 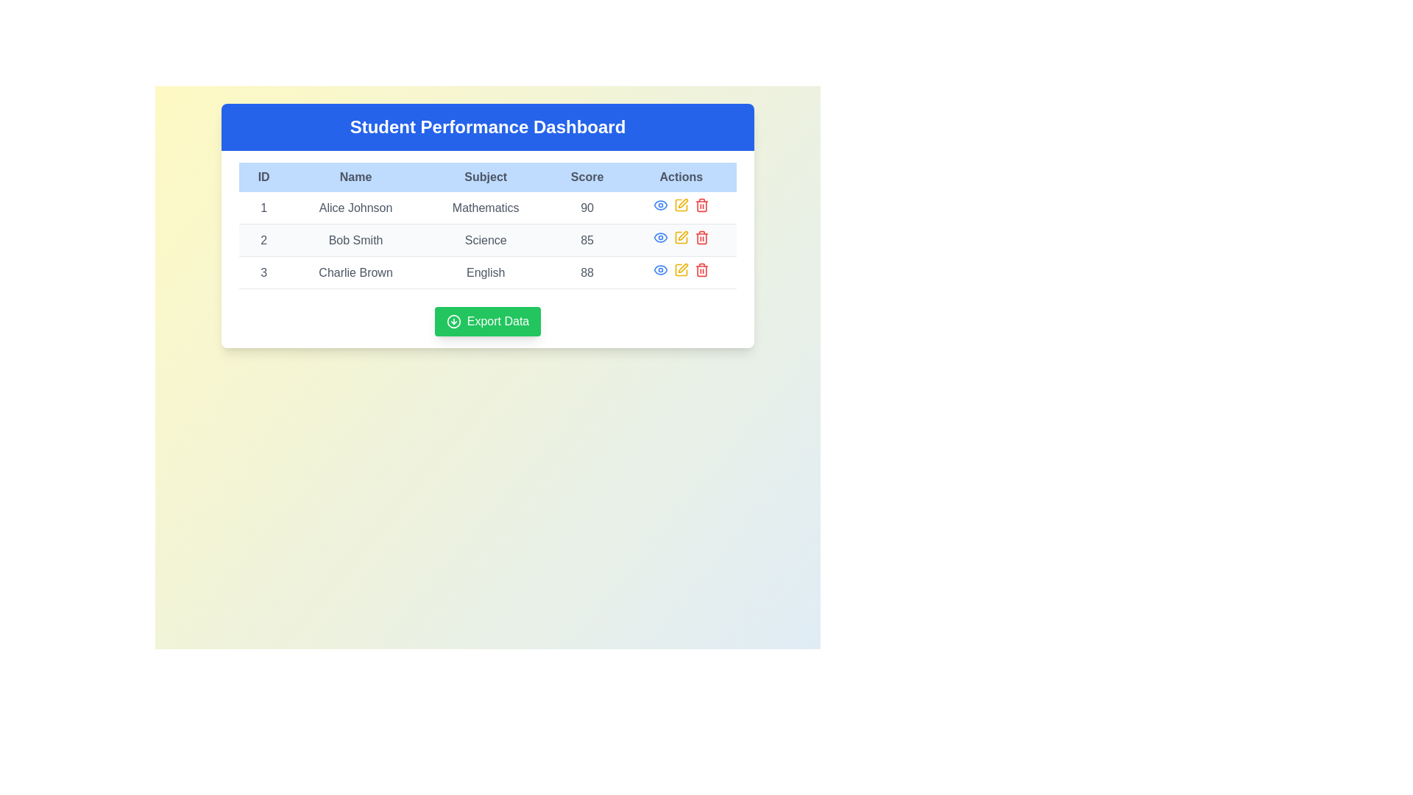 What do you see at coordinates (487, 272) in the screenshot?
I see `the third table row that contains details about a student's ID, name, subject, and score` at bounding box center [487, 272].